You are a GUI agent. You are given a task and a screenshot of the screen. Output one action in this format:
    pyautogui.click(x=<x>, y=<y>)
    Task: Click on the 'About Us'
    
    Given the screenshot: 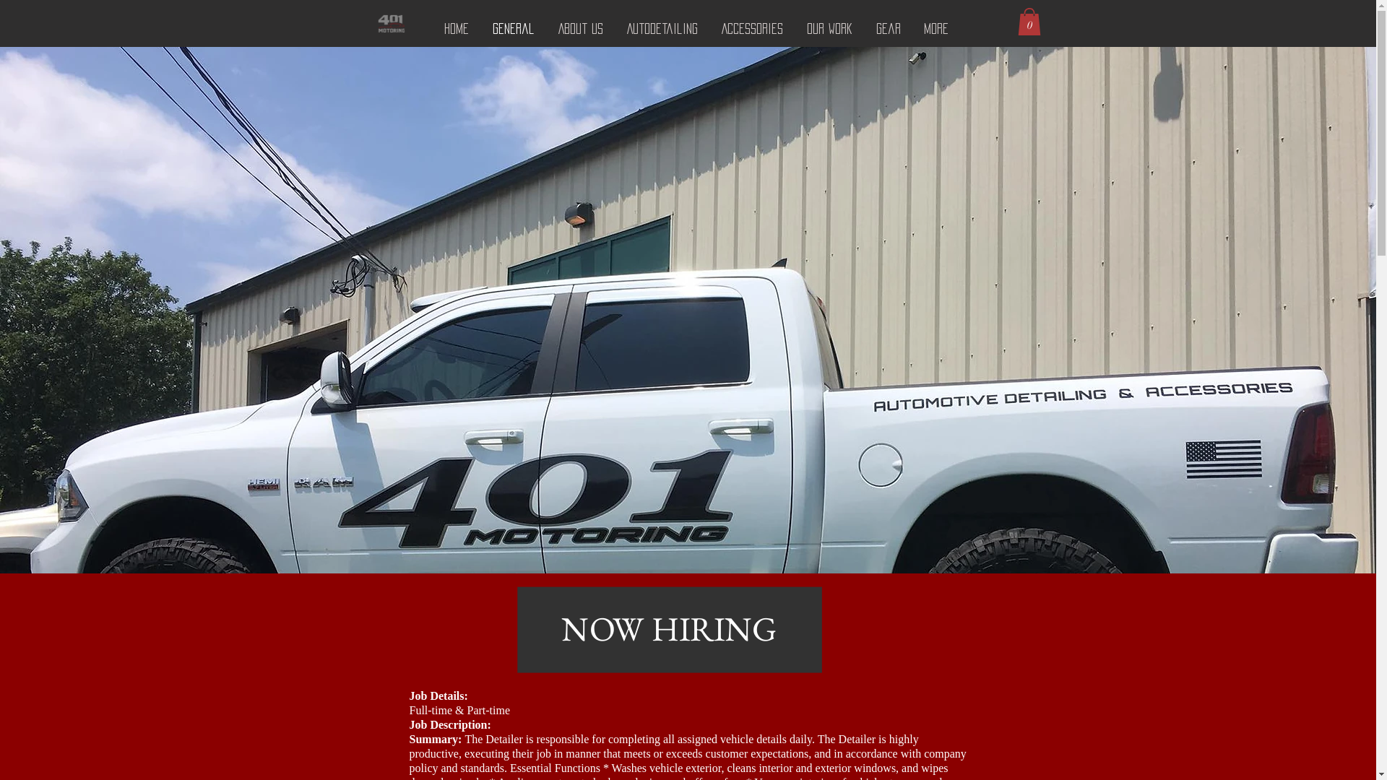 What is the action you would take?
    pyautogui.click(x=545, y=28)
    